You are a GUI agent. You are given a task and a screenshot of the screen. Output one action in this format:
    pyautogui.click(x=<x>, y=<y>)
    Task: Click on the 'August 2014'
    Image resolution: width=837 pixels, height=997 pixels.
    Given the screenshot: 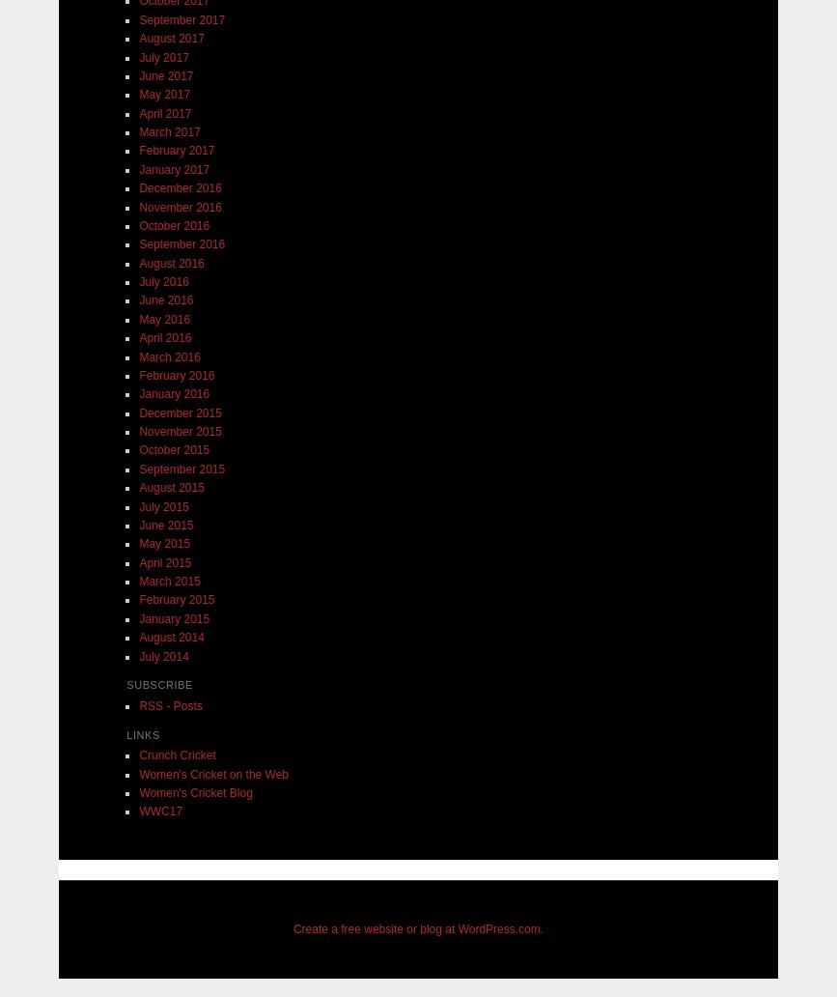 What is the action you would take?
    pyautogui.click(x=171, y=636)
    